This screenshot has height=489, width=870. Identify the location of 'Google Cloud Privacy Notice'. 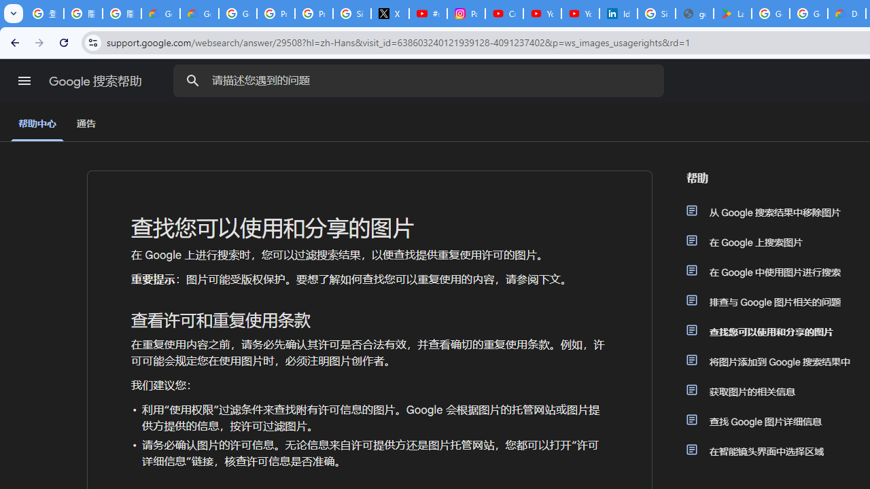
(160, 14).